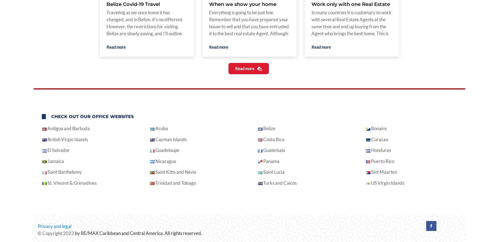 This screenshot has height=242, width=499. I want to click on 'El Salvador', so click(58, 150).